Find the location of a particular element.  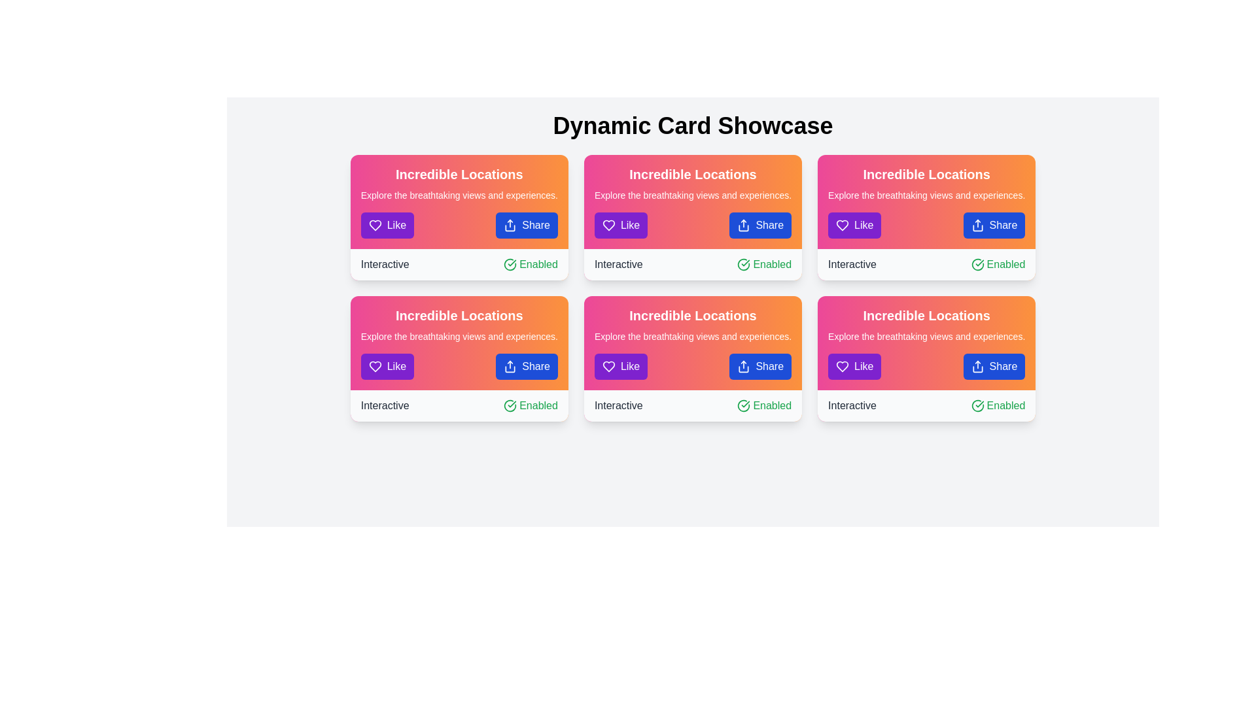

the heart-shaped 'Like' icon filled with a gradient color is located at coordinates (608, 224).